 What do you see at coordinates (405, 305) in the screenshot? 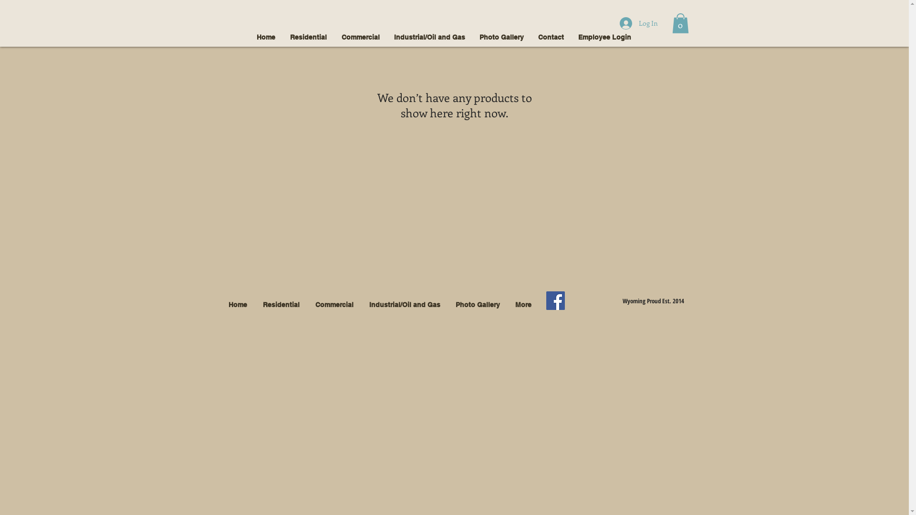
I see `'Industrial/Oil and Gas'` at bounding box center [405, 305].